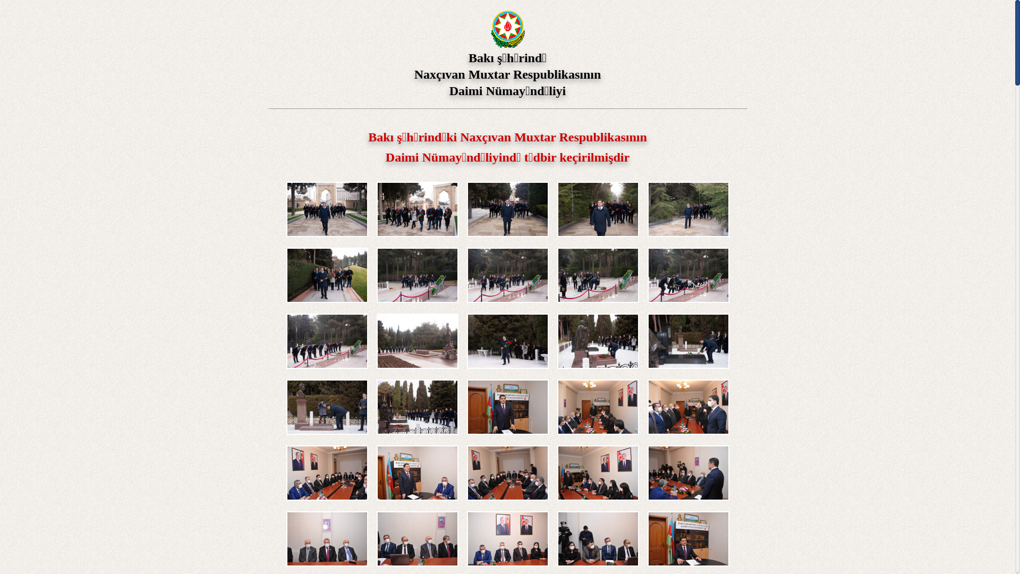 The width and height of the screenshot is (1020, 574). I want to click on 'Click to enlarge', so click(416, 539).